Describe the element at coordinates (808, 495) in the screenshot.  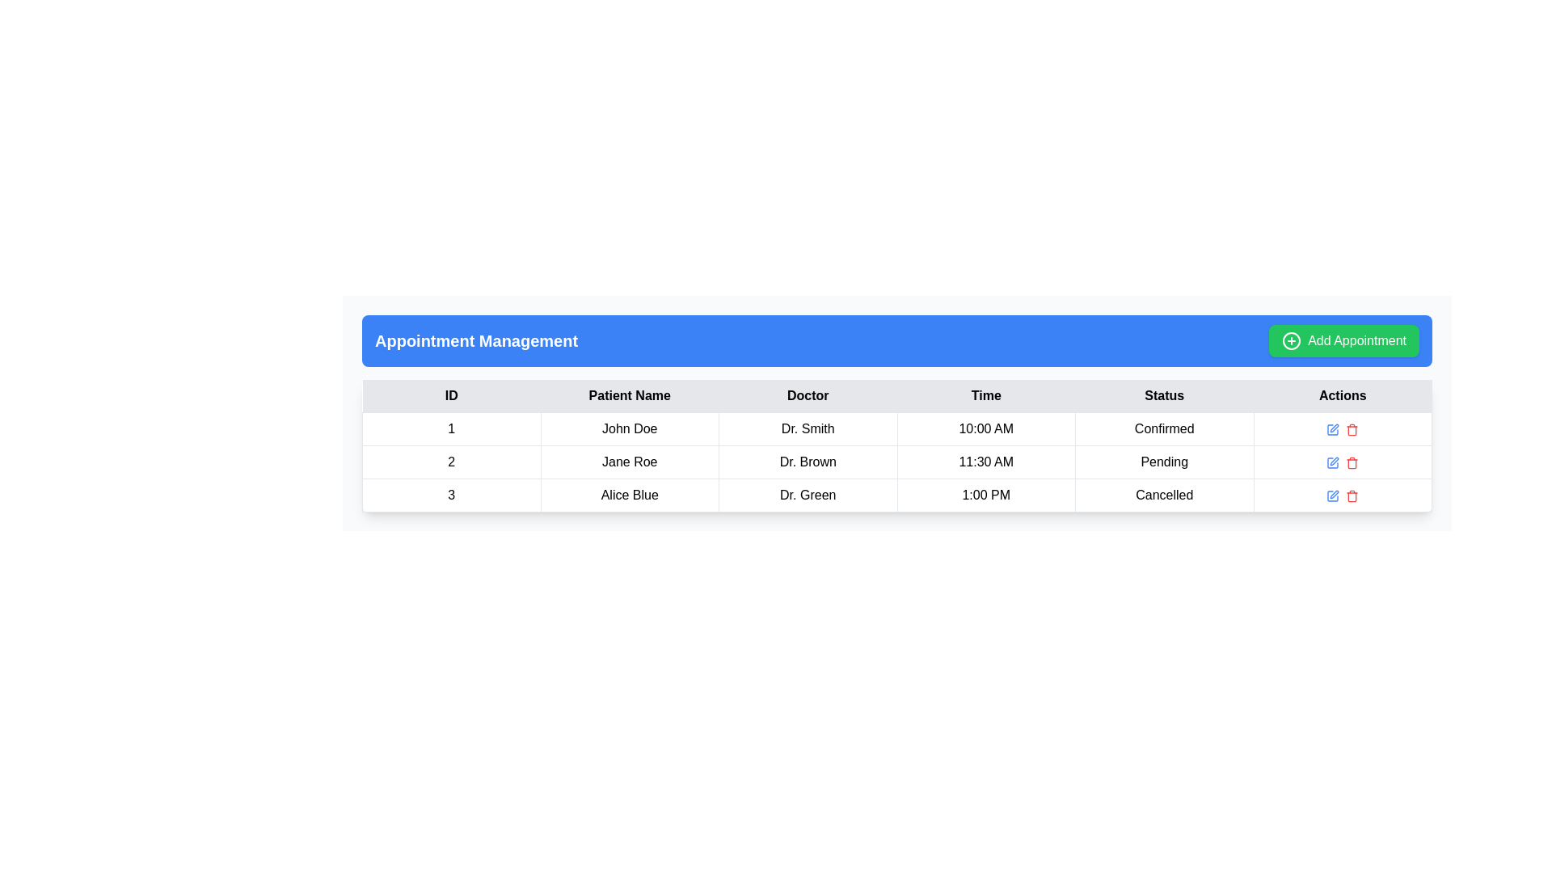
I see `static text label indicating the doctor's name for the patient 'Alice Blue' located in the third row of the table under the 'Doctor' column` at that location.